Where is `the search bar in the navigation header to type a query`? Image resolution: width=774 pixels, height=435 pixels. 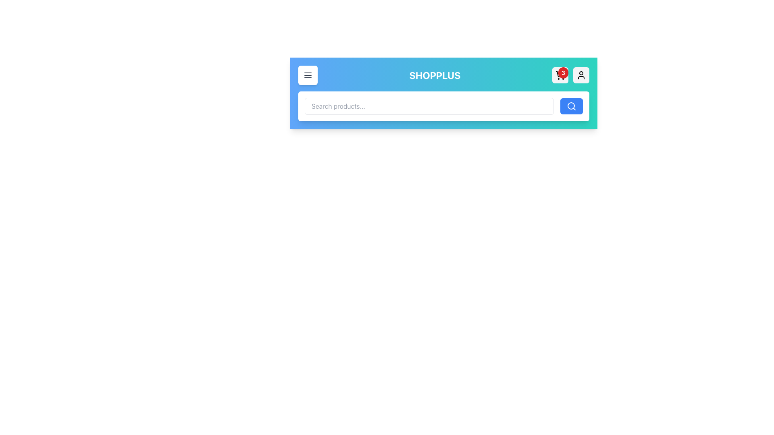 the search bar in the navigation header to type a query is located at coordinates (443, 93).